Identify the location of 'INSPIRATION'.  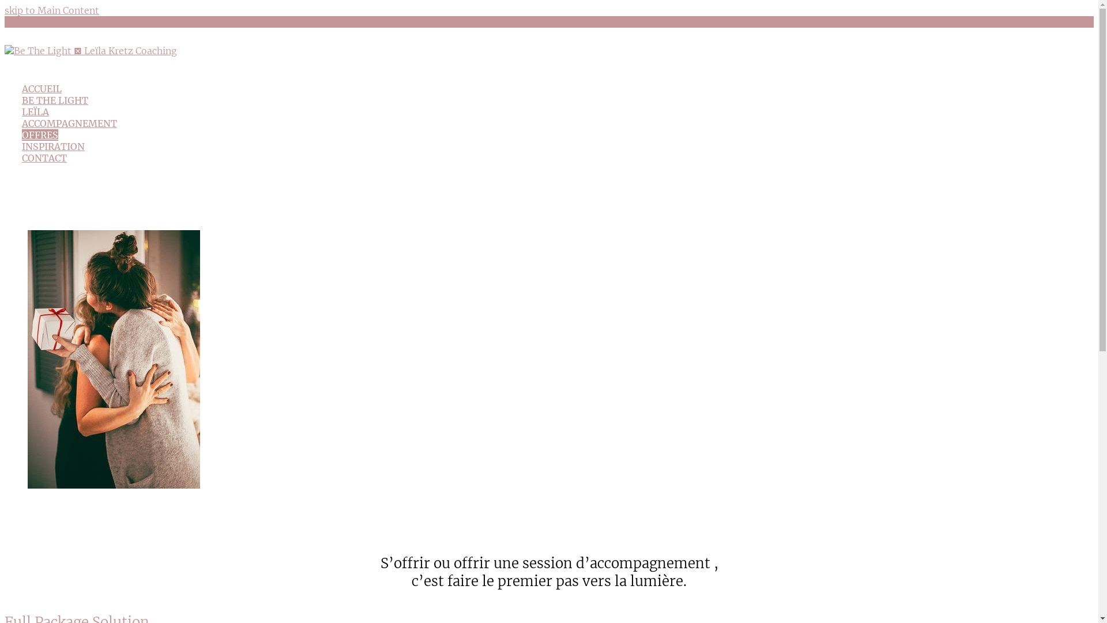
(52, 146).